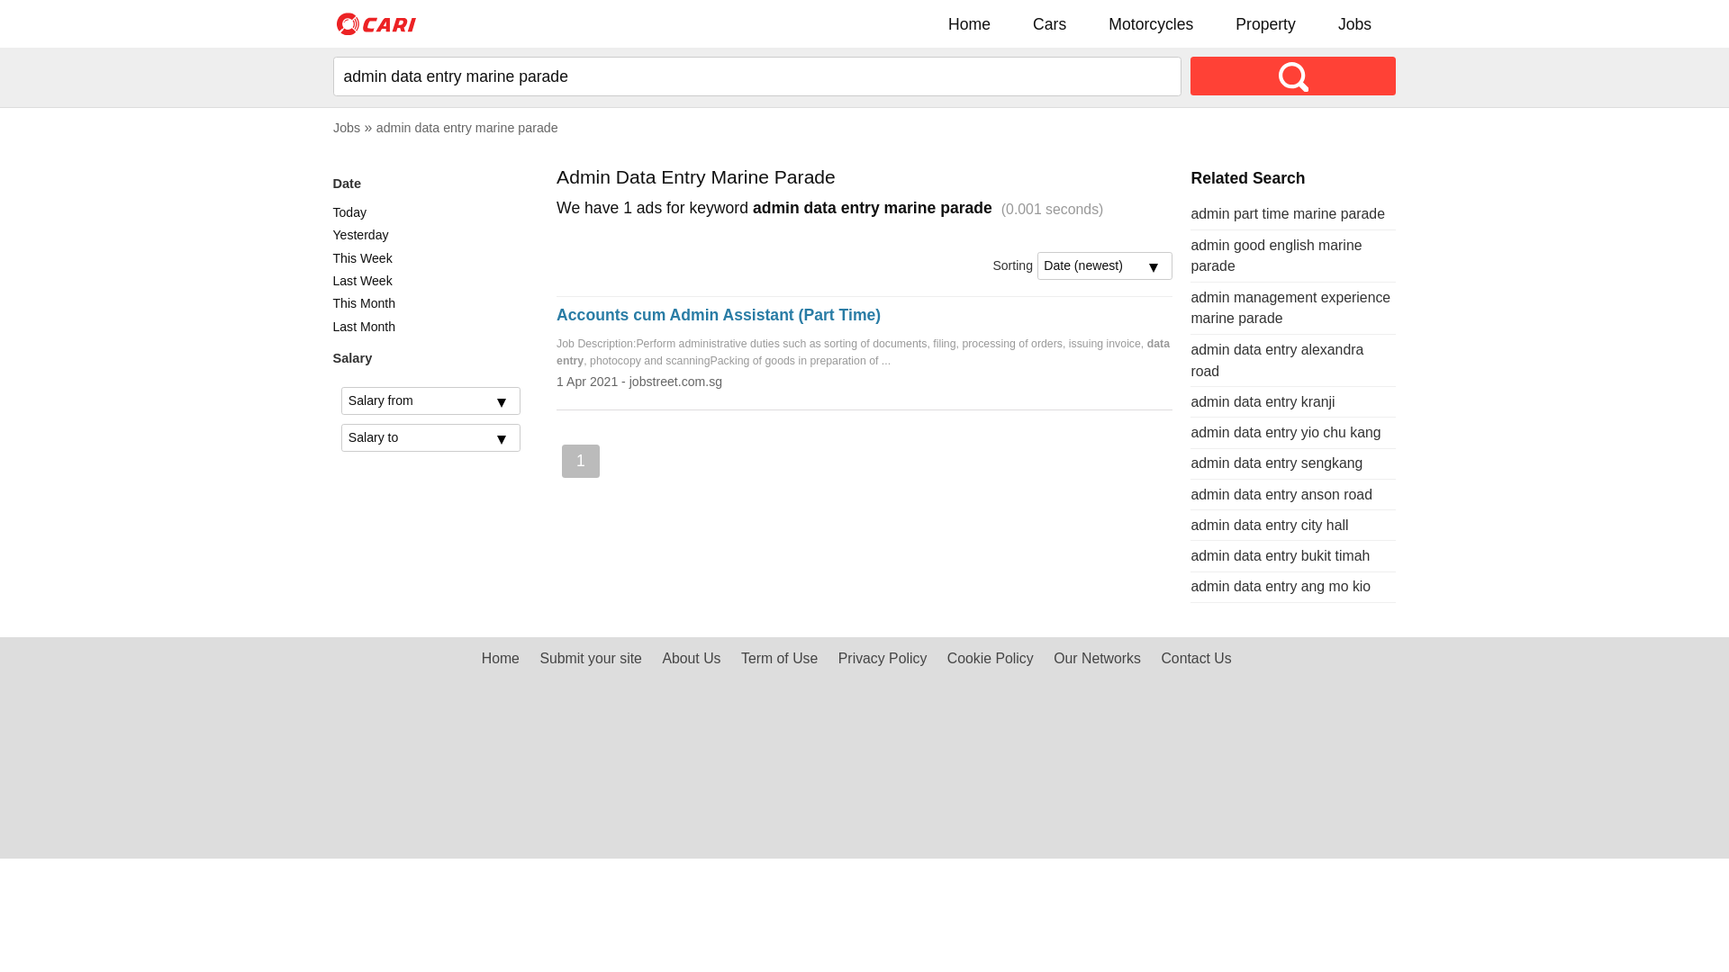 This screenshot has width=1729, height=972. I want to click on 'admin data entry marine parade', so click(466, 127).